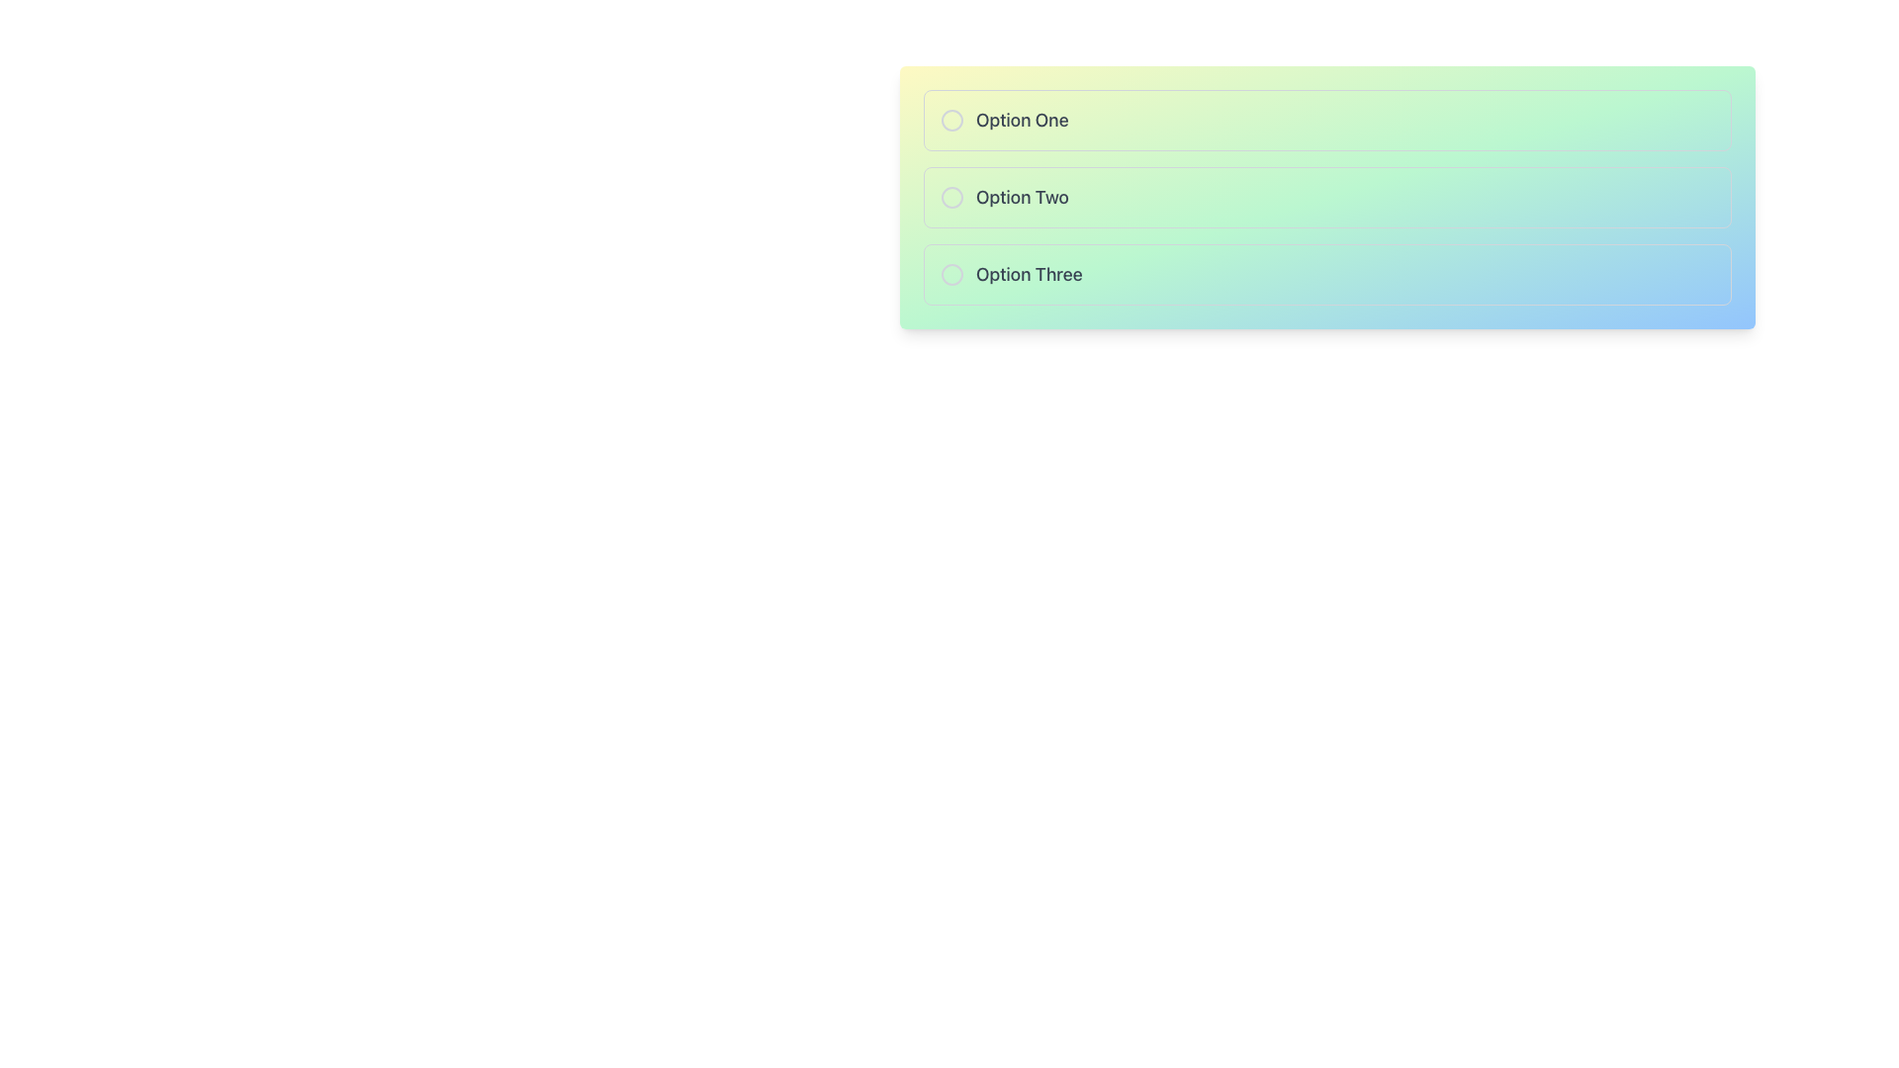 Image resolution: width=1899 pixels, height=1068 pixels. I want to click on the radio button located to the left of the text 'Option One', so click(952, 121).